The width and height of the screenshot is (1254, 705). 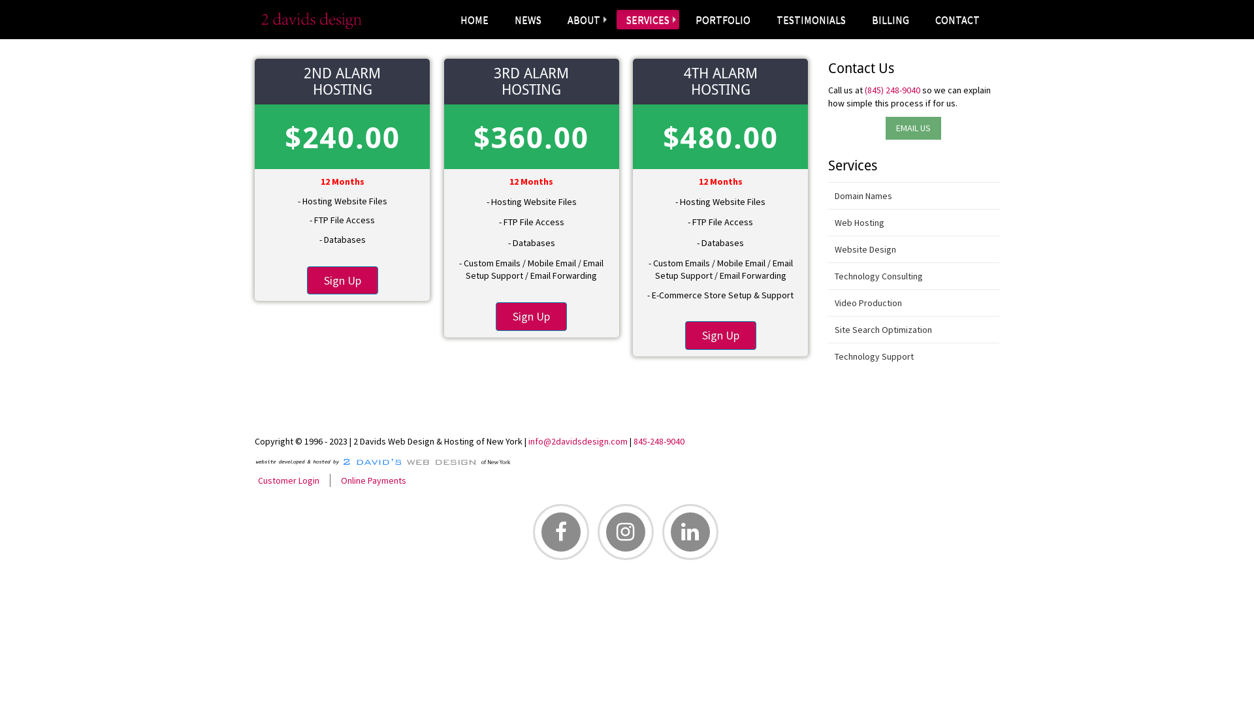 What do you see at coordinates (892, 89) in the screenshot?
I see `'(845) 248-9040'` at bounding box center [892, 89].